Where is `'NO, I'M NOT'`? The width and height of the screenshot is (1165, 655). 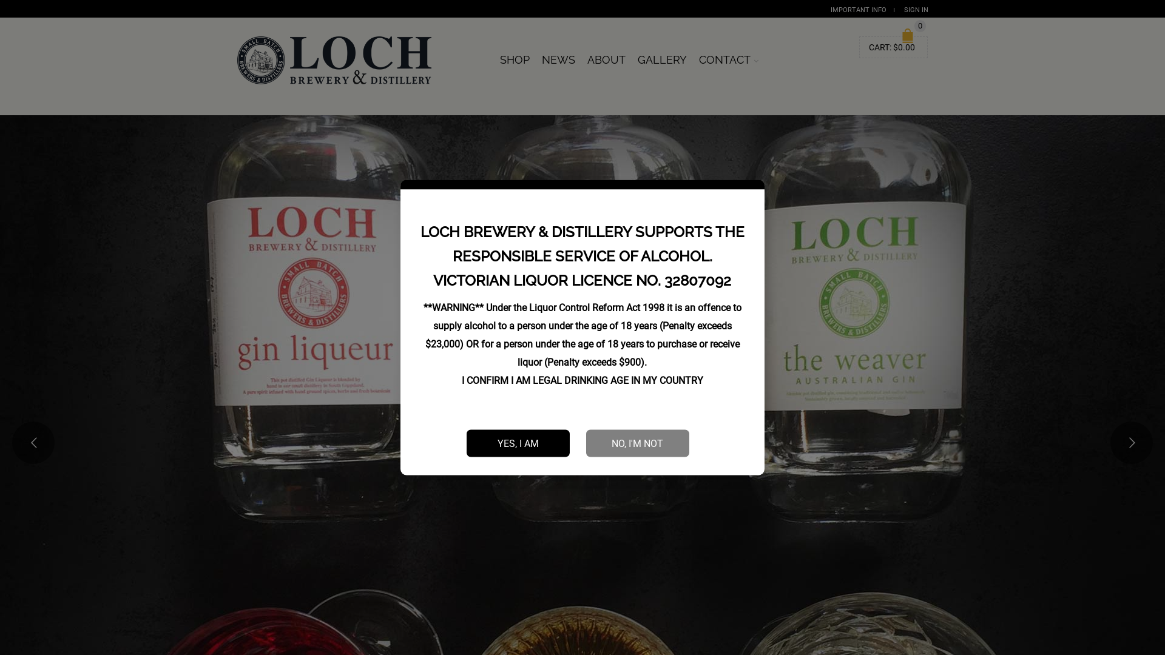 'NO, I'M NOT' is located at coordinates (637, 443).